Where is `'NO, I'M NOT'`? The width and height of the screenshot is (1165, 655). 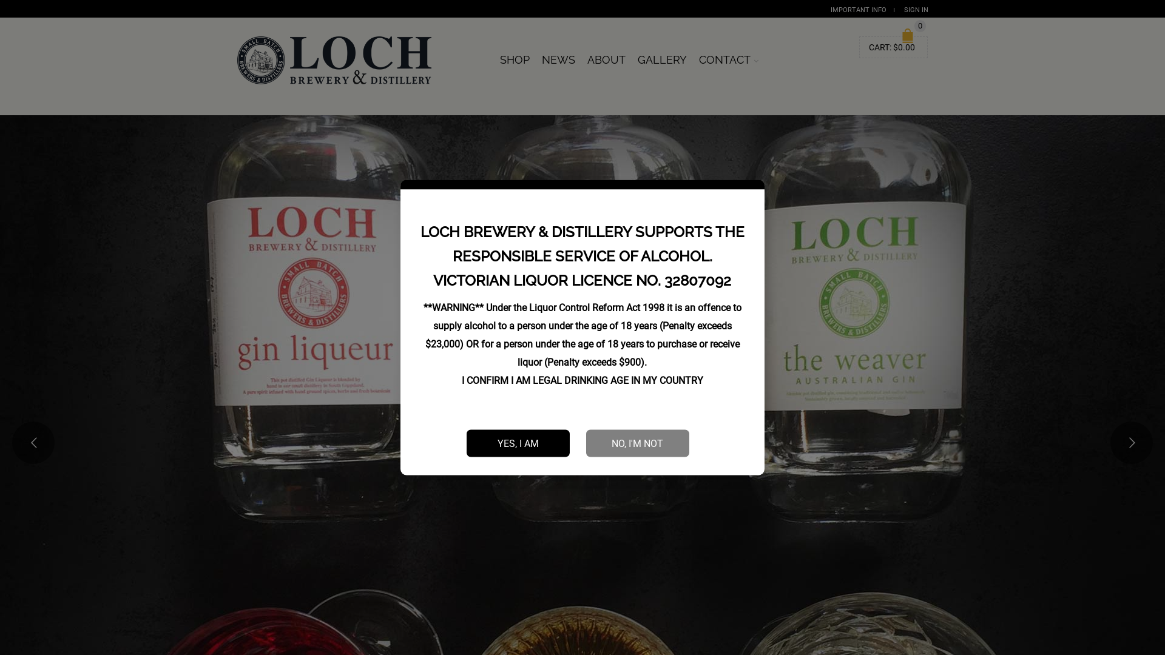 'NO, I'M NOT' is located at coordinates (637, 443).